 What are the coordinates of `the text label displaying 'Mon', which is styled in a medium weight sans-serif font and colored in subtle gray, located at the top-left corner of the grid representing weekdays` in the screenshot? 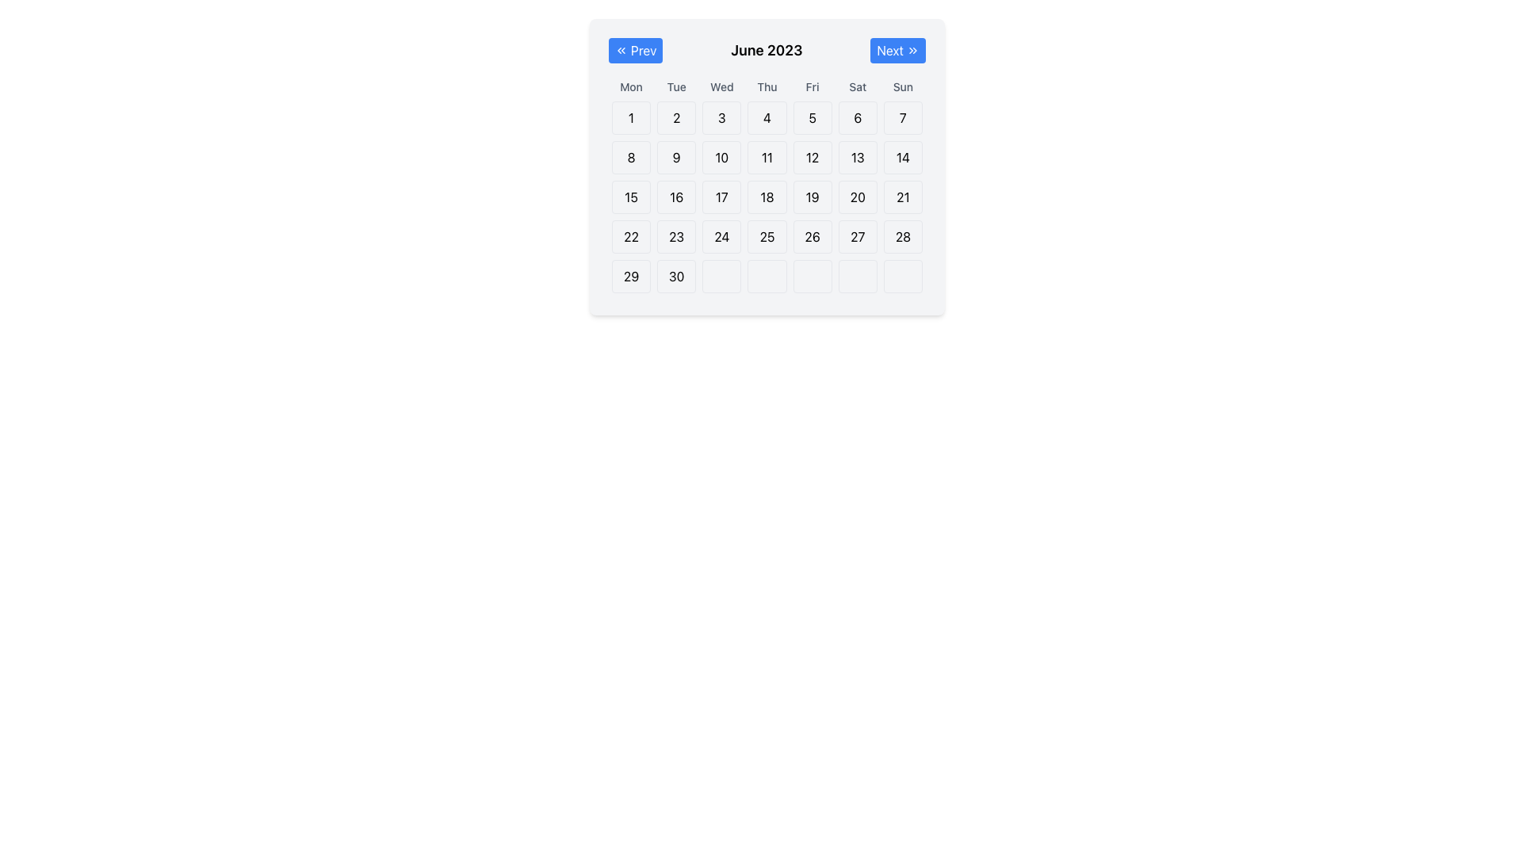 It's located at (630, 87).